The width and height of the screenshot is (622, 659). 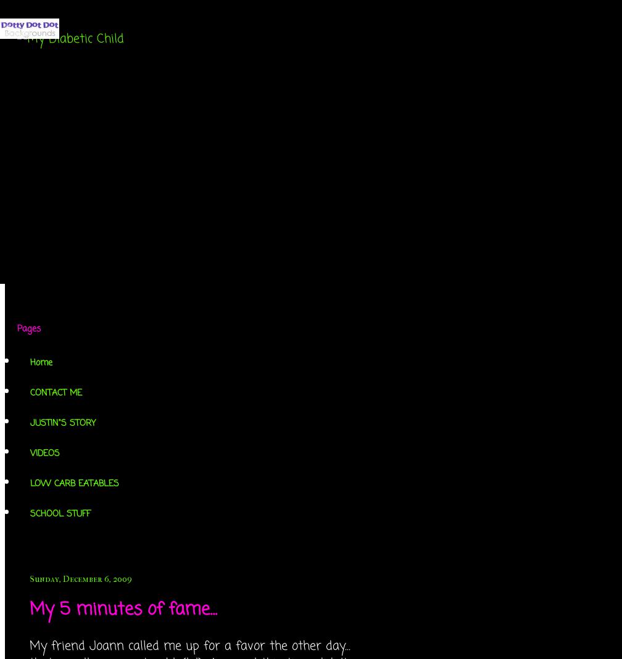 What do you see at coordinates (74, 484) in the screenshot?
I see `'LOW CARB EATABLES'` at bounding box center [74, 484].